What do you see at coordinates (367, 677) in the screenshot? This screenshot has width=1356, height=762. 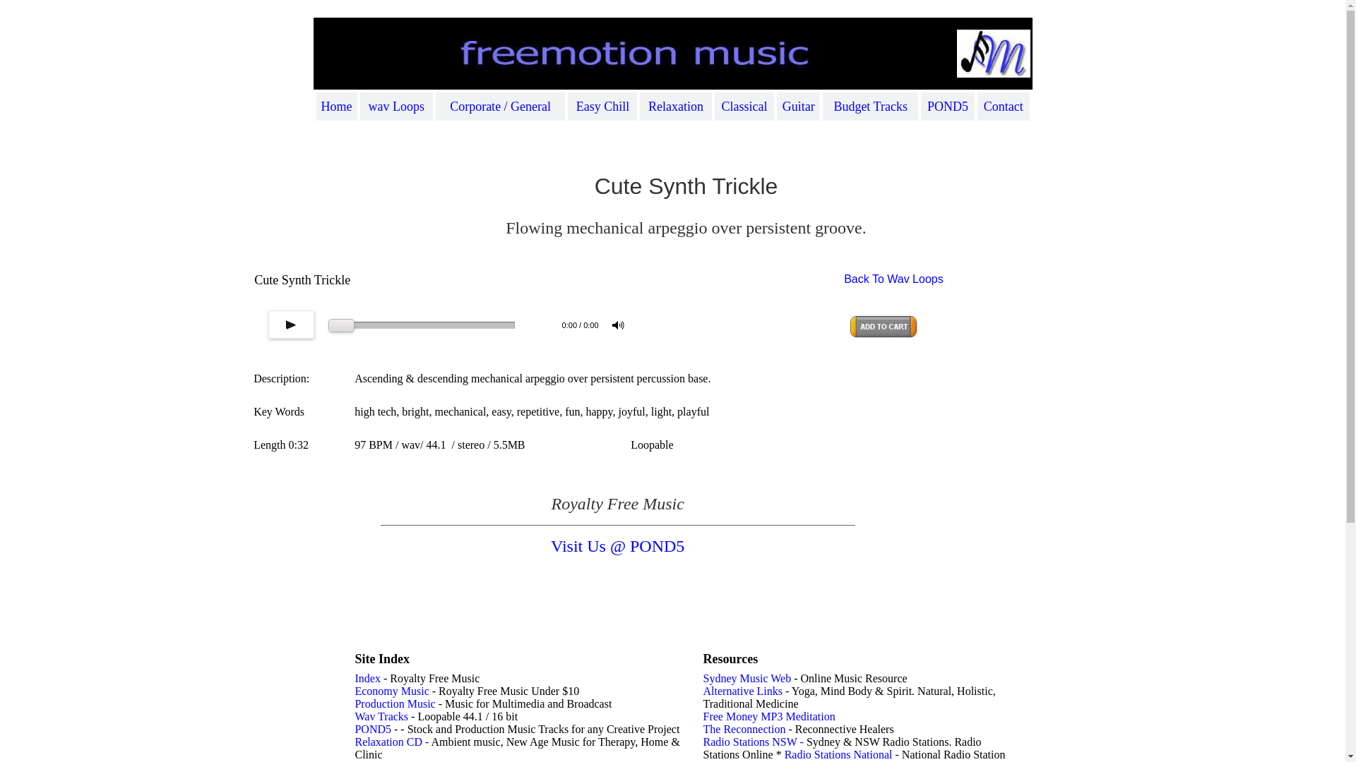 I see `'Index'` at bounding box center [367, 677].